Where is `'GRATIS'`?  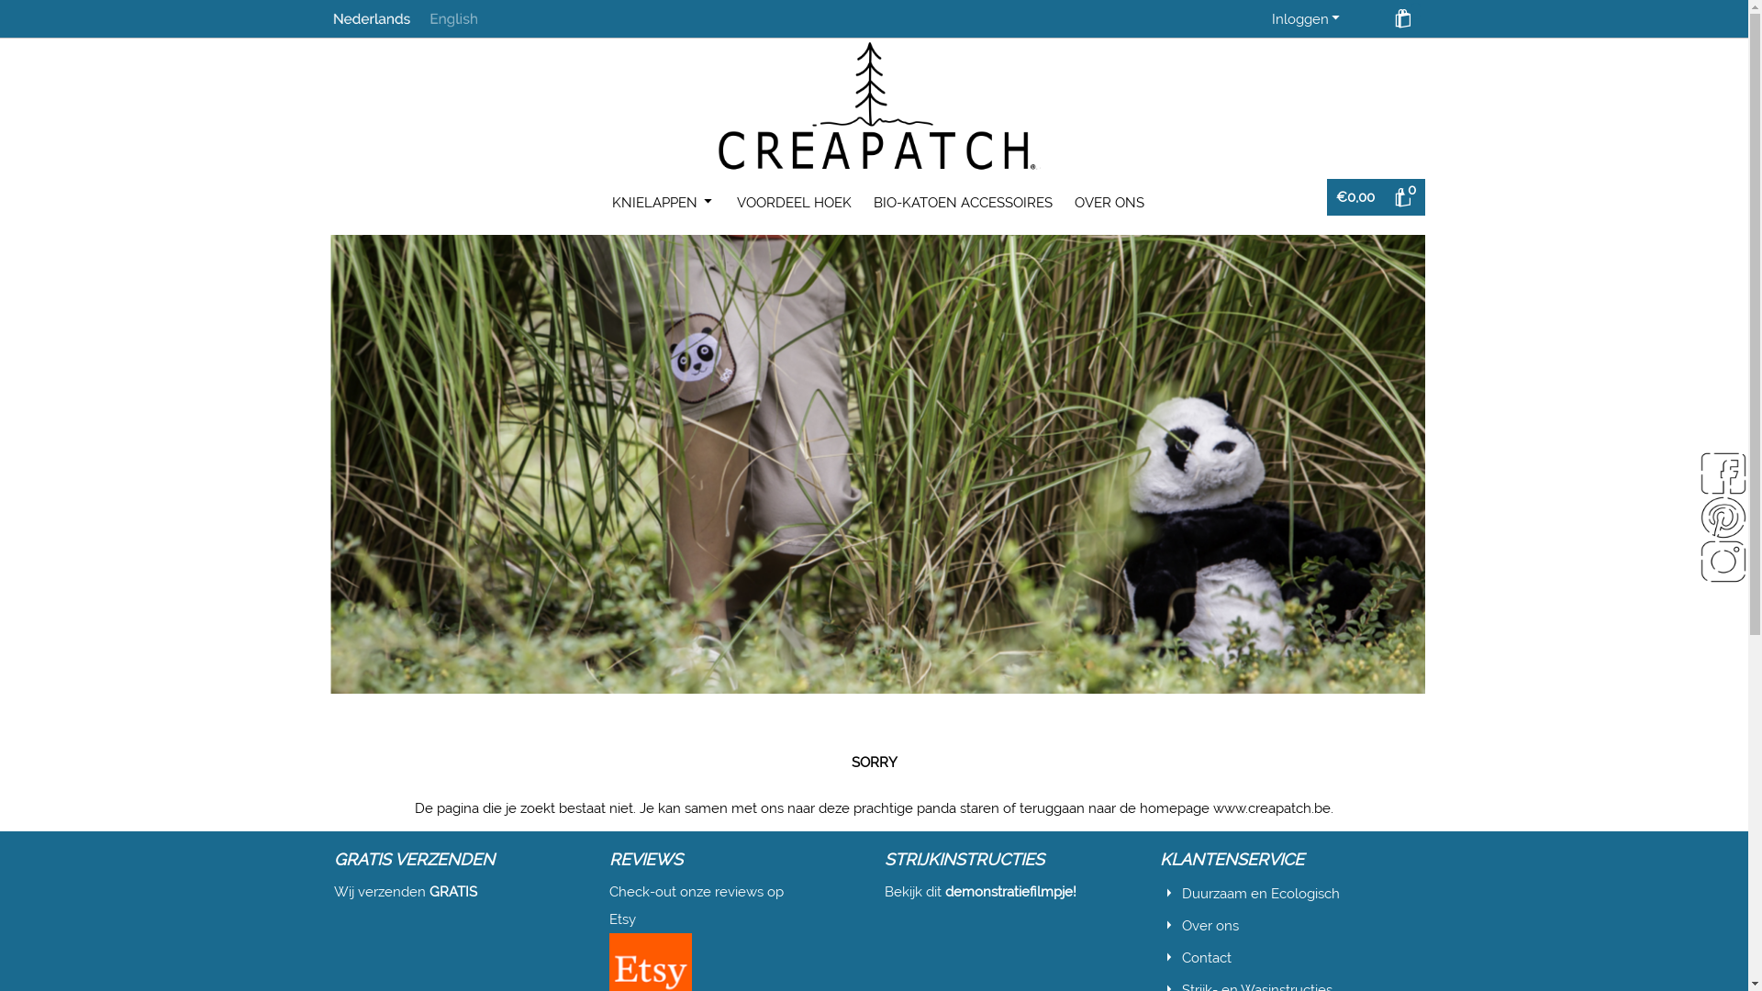
'GRATIS' is located at coordinates (453, 891).